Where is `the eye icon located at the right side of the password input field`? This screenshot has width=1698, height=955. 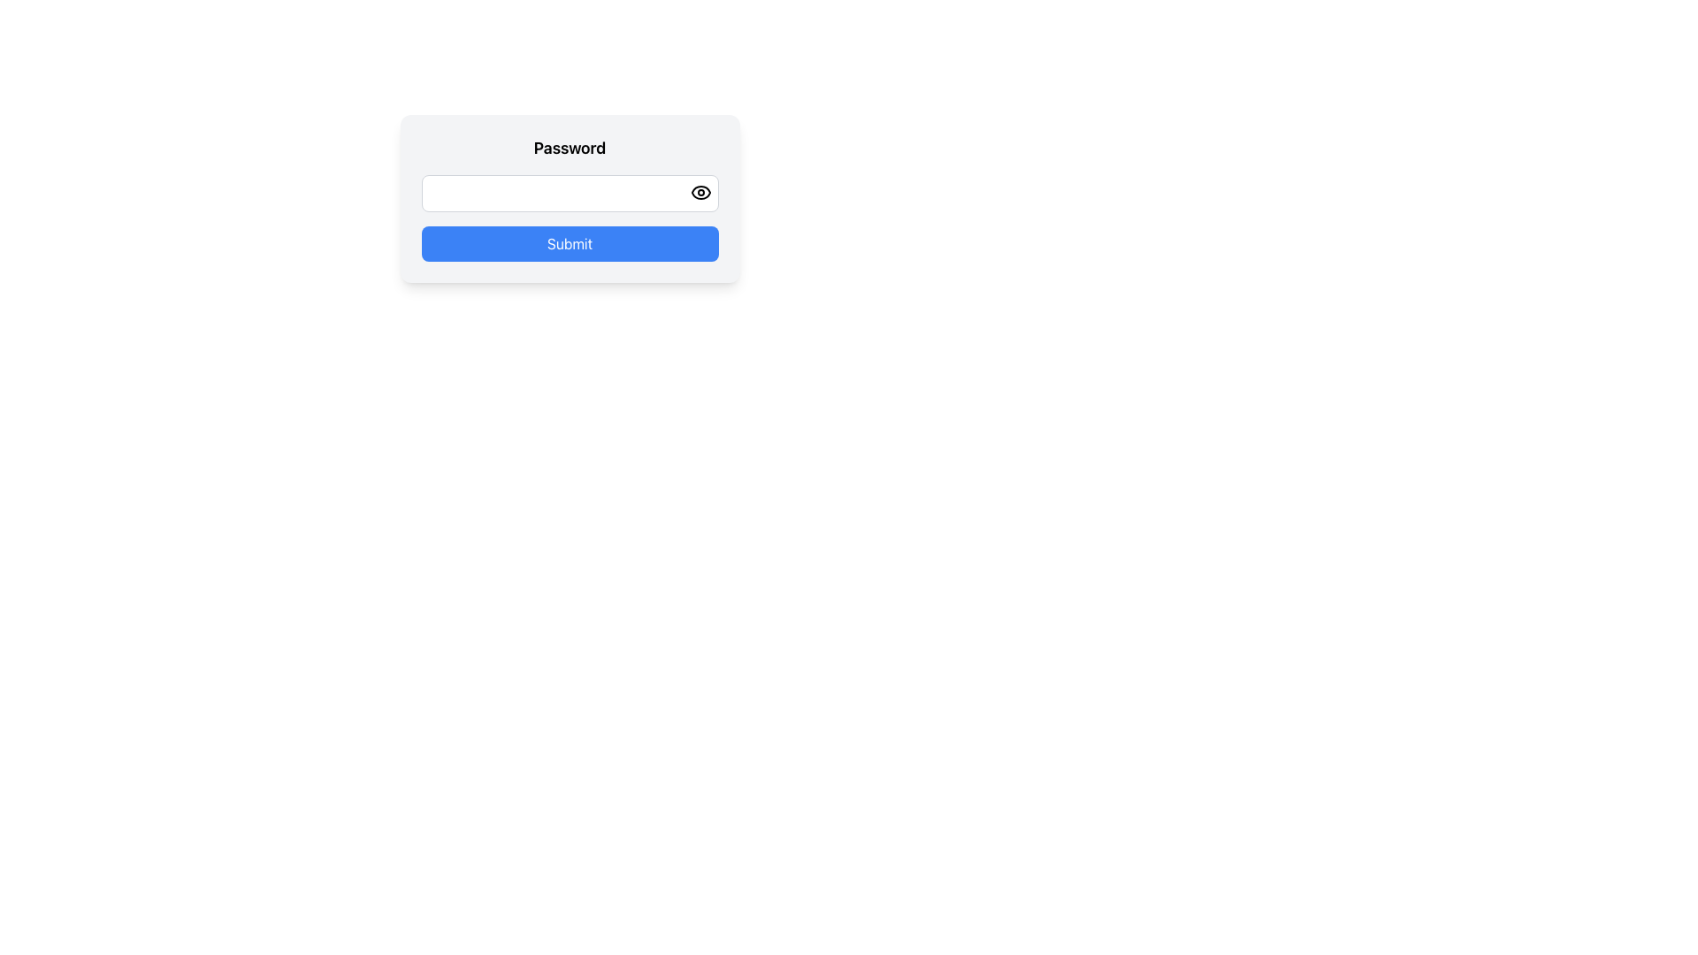
the eye icon located at the right side of the password input field is located at coordinates (700, 193).